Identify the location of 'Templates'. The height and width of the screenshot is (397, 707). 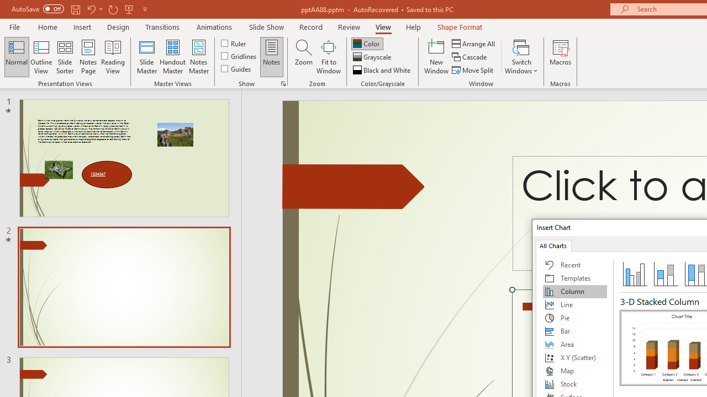
(574, 278).